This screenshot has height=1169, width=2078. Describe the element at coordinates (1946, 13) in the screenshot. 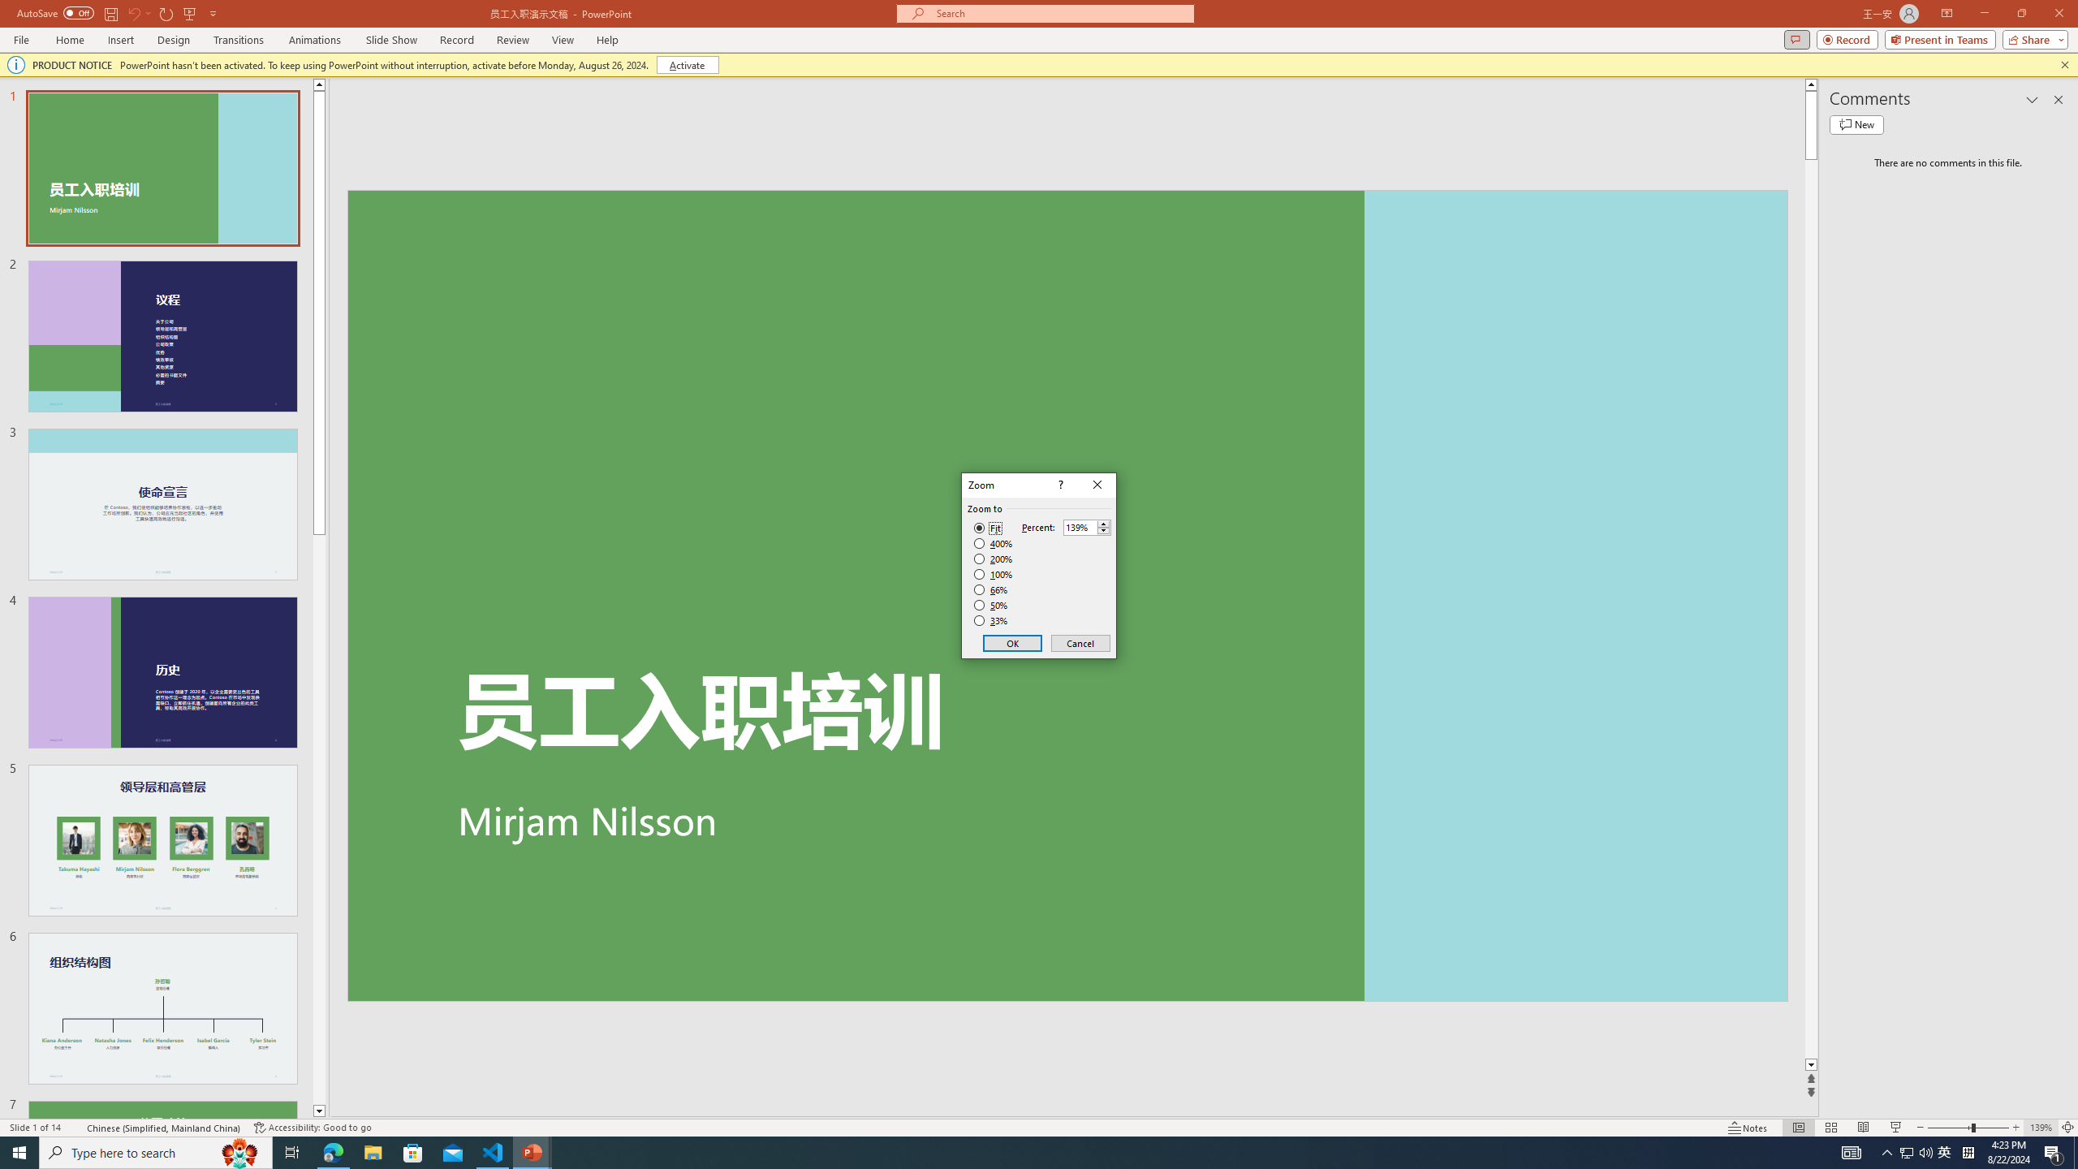

I see `'Ribbon Display Options'` at that location.